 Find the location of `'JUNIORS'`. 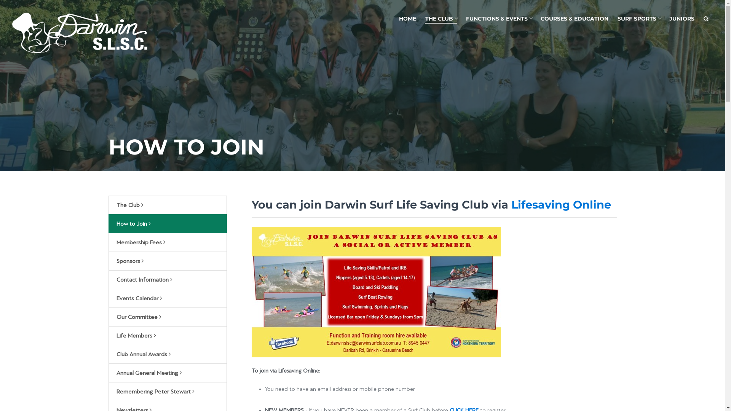

'JUNIORS' is located at coordinates (664, 18).